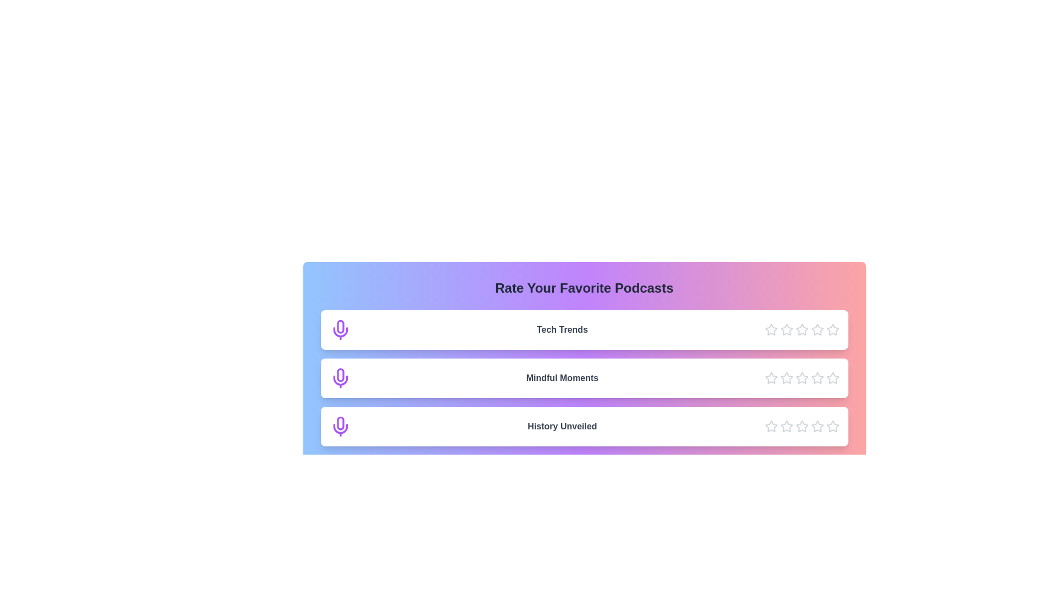 The image size is (1055, 593). I want to click on the star icon corresponding to 2 stars for the podcast History Unveiled, so click(786, 426).